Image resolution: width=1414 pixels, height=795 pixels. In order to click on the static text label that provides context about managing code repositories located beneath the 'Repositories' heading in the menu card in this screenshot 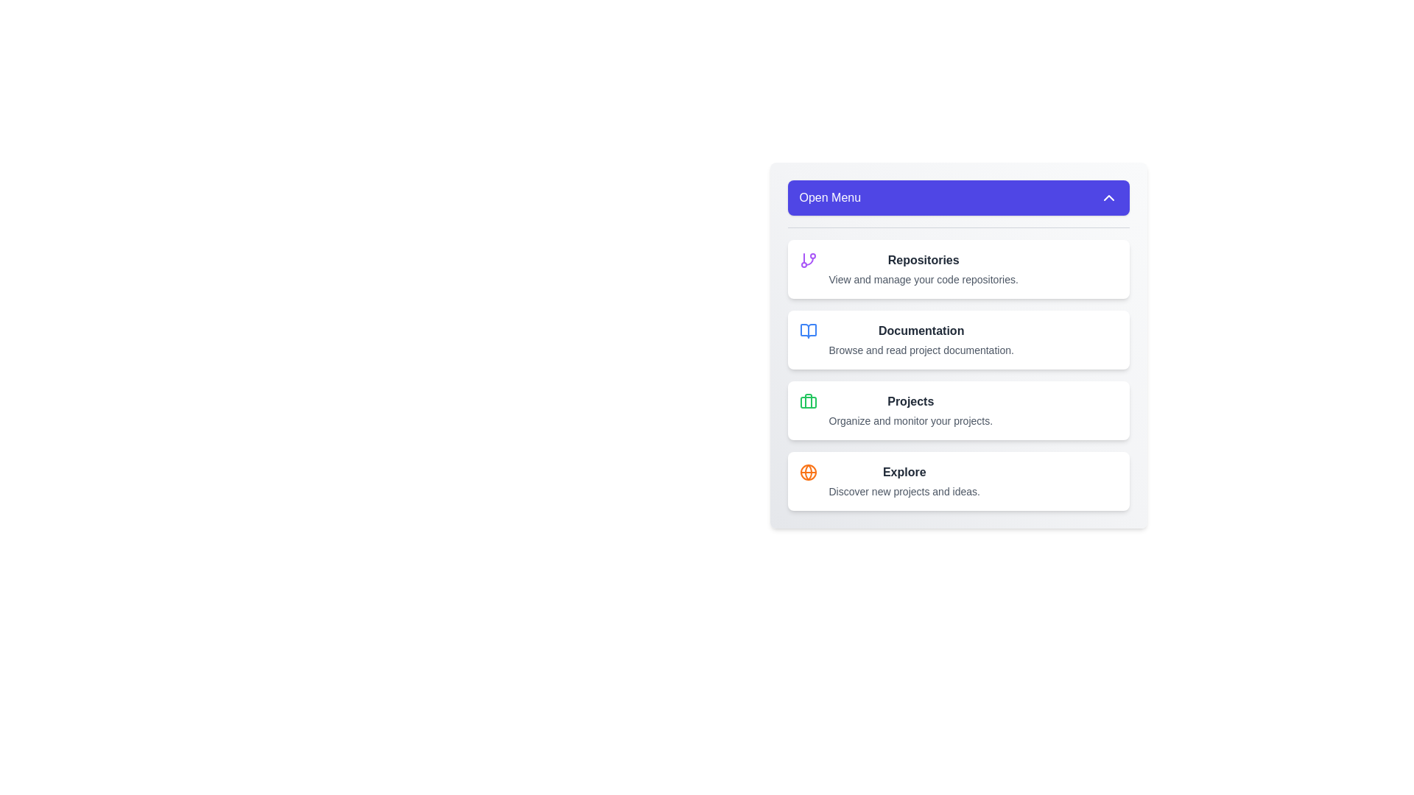, I will do `click(923, 280)`.